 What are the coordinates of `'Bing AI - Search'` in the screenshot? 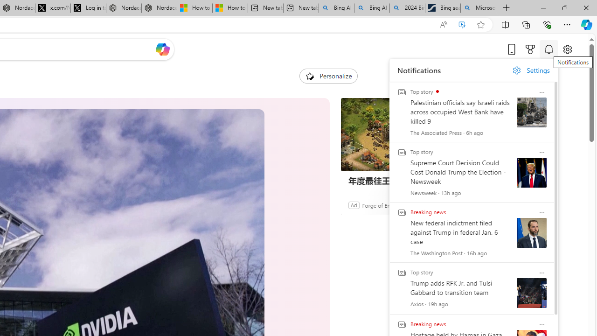 It's located at (371, 8).